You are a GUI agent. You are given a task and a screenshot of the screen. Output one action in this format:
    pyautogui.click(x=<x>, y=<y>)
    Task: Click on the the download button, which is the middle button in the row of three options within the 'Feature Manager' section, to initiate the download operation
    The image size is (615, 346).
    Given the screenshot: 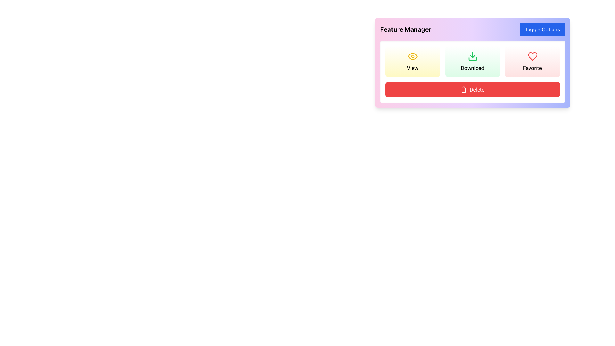 What is the action you would take?
    pyautogui.click(x=472, y=62)
    